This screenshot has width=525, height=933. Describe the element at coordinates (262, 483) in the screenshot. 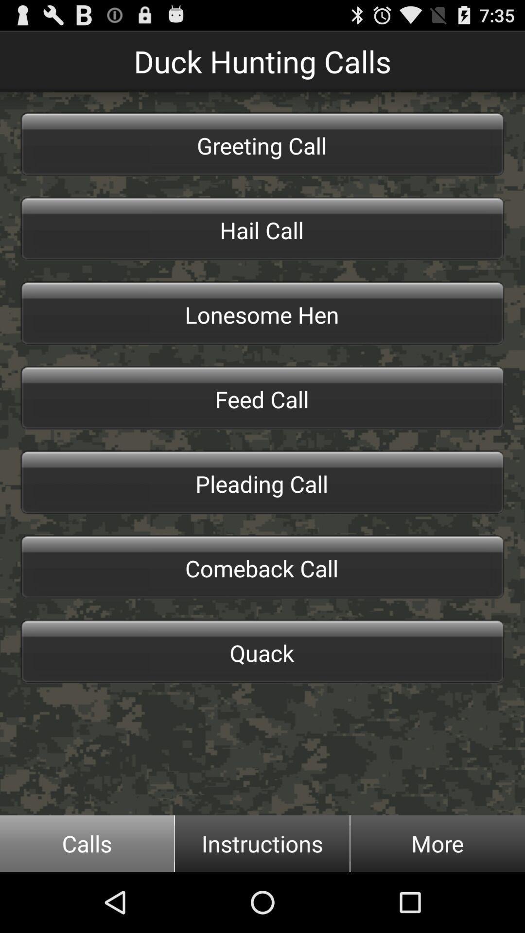

I see `the pleading call item` at that location.